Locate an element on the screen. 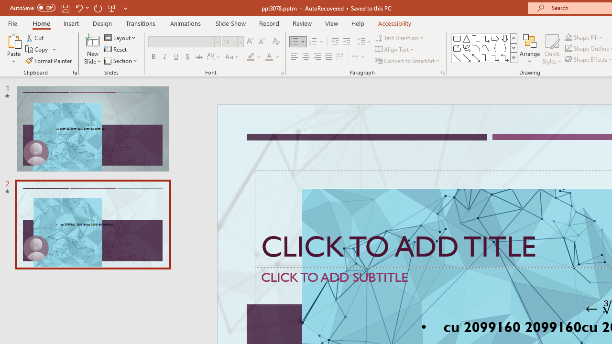  'Change Case' is located at coordinates (232, 57).